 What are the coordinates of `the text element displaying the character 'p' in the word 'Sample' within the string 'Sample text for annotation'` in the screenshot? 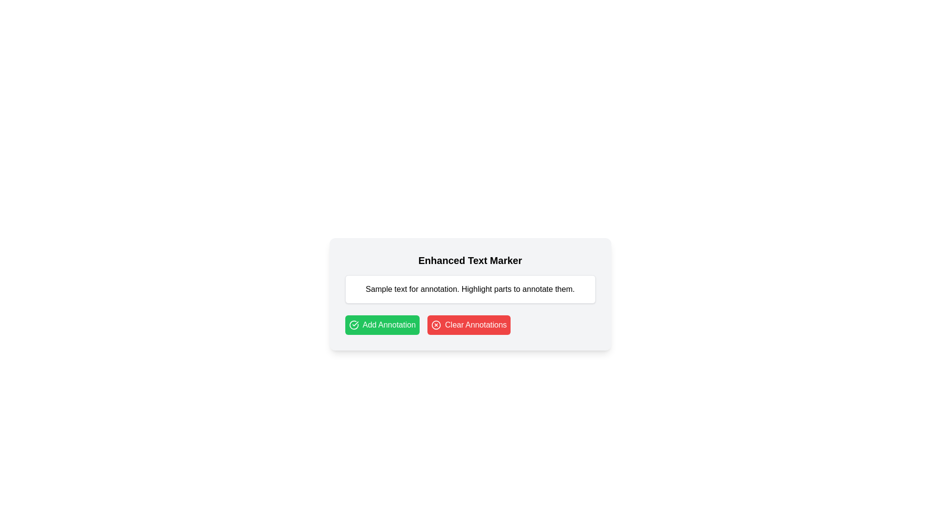 It's located at (383, 288).